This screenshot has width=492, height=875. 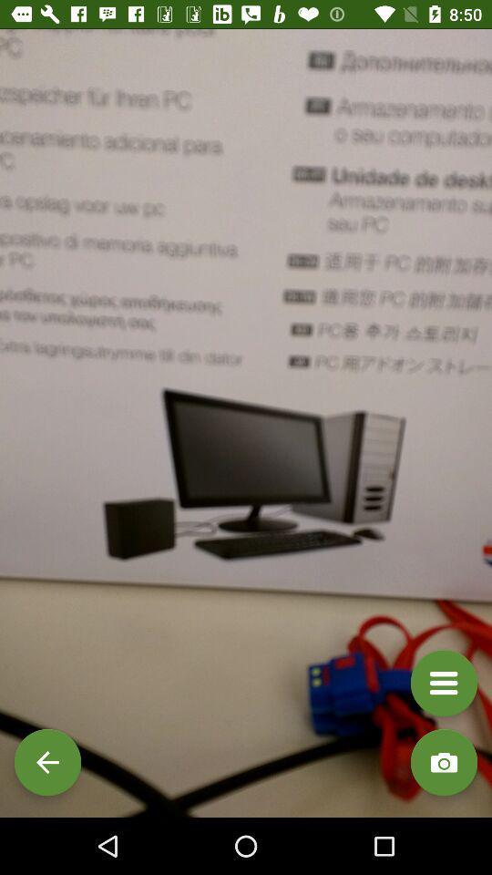 What do you see at coordinates (443, 682) in the screenshot?
I see `the menu icon` at bounding box center [443, 682].